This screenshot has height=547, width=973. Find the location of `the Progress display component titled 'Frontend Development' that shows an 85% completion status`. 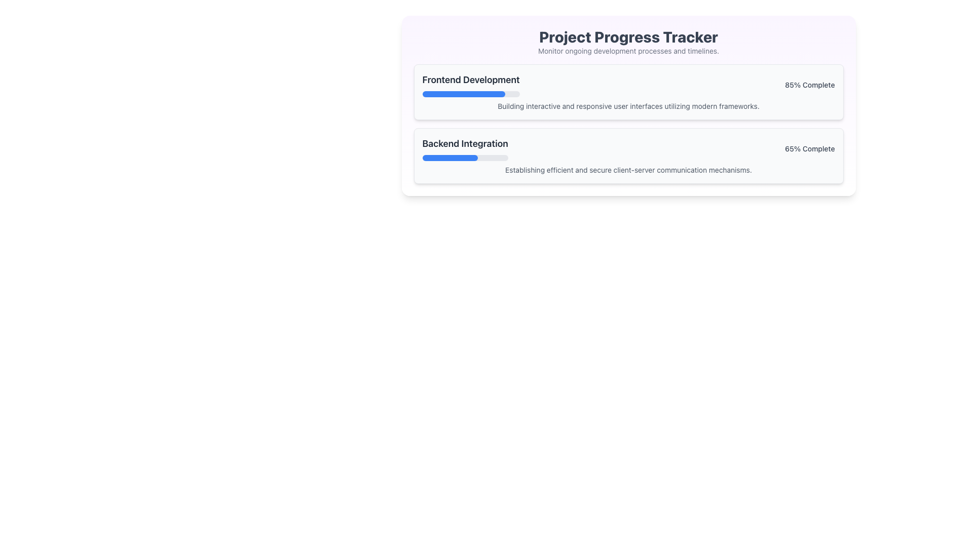

the Progress display component titled 'Frontend Development' that shows an 85% completion status is located at coordinates (628, 85).